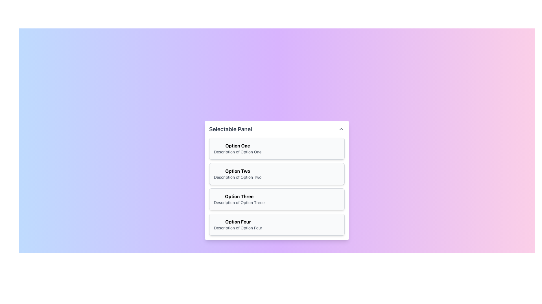 The width and height of the screenshot is (542, 304). Describe the element at coordinates (238, 171) in the screenshot. I see `the 'Option Two' text label located in the second selectable card of the 'Selectable Panel'` at that location.